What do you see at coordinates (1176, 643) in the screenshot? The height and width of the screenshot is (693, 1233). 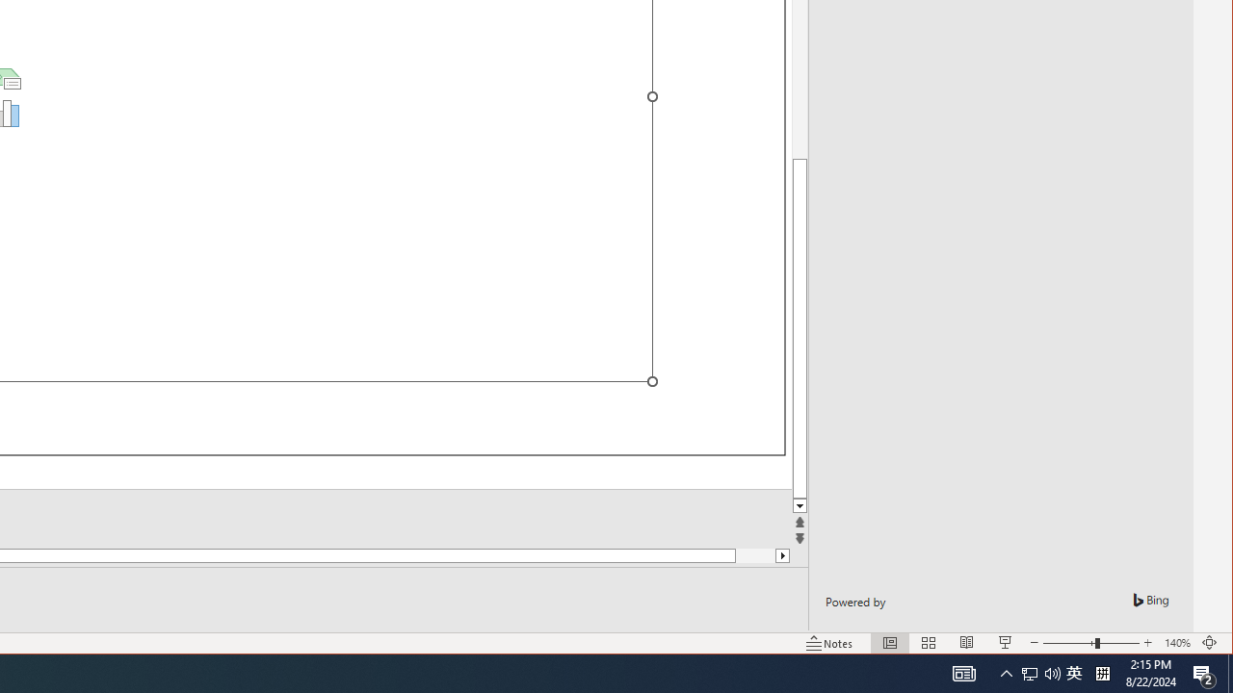 I see `'Zoom 140%'` at bounding box center [1176, 643].